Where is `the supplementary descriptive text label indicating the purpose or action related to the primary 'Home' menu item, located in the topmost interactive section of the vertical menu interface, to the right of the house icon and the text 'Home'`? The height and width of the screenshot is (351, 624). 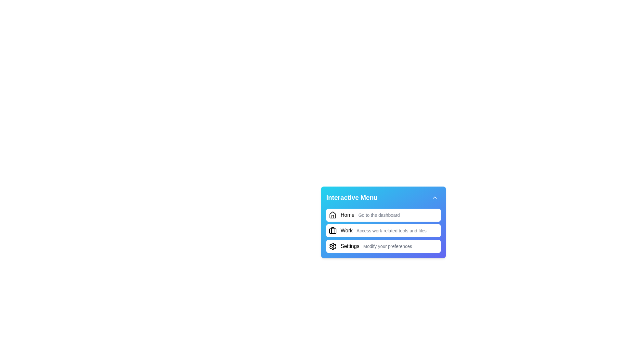 the supplementary descriptive text label indicating the purpose or action related to the primary 'Home' menu item, located in the topmost interactive section of the vertical menu interface, to the right of the house icon and the text 'Home' is located at coordinates (379, 215).